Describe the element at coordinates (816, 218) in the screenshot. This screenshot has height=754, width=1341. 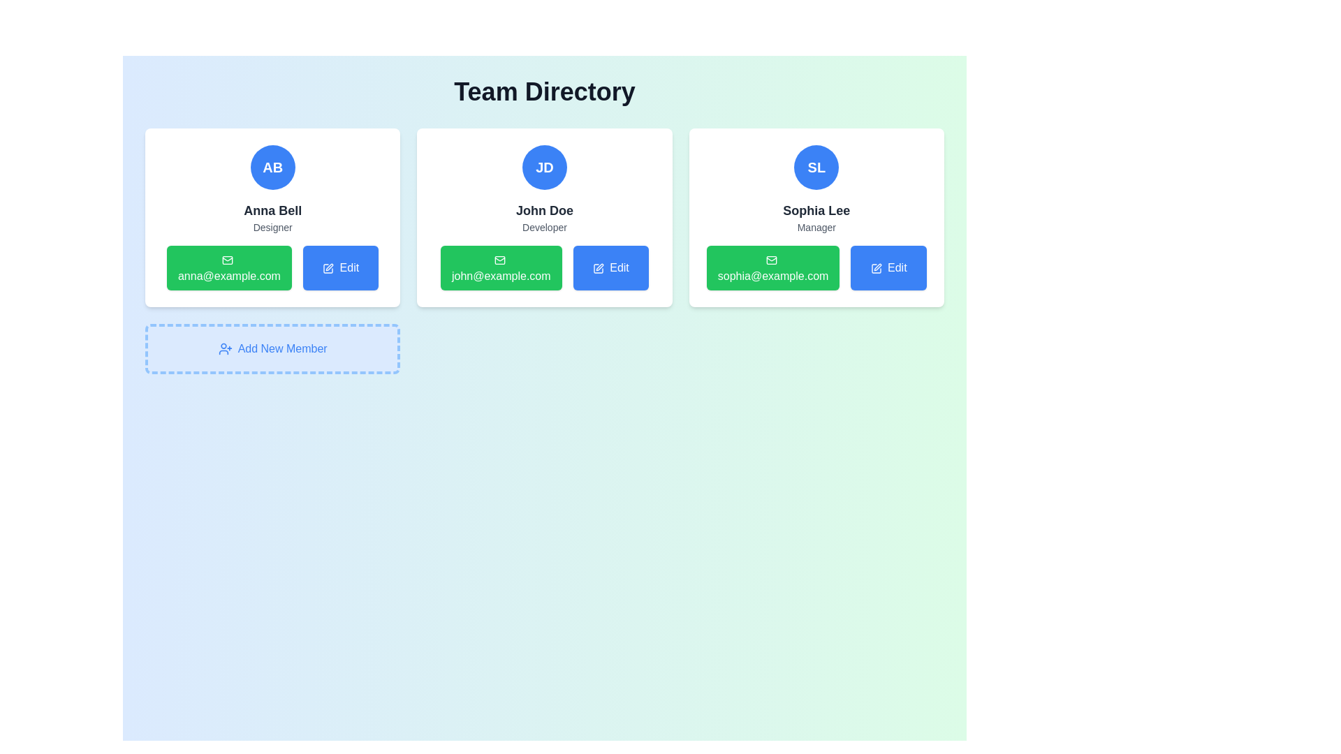
I see `user's name 'Sophia Lee' and designation 'Manager' from the text element located in the center of the third card in the rightmost column of the user profiles grid` at that location.